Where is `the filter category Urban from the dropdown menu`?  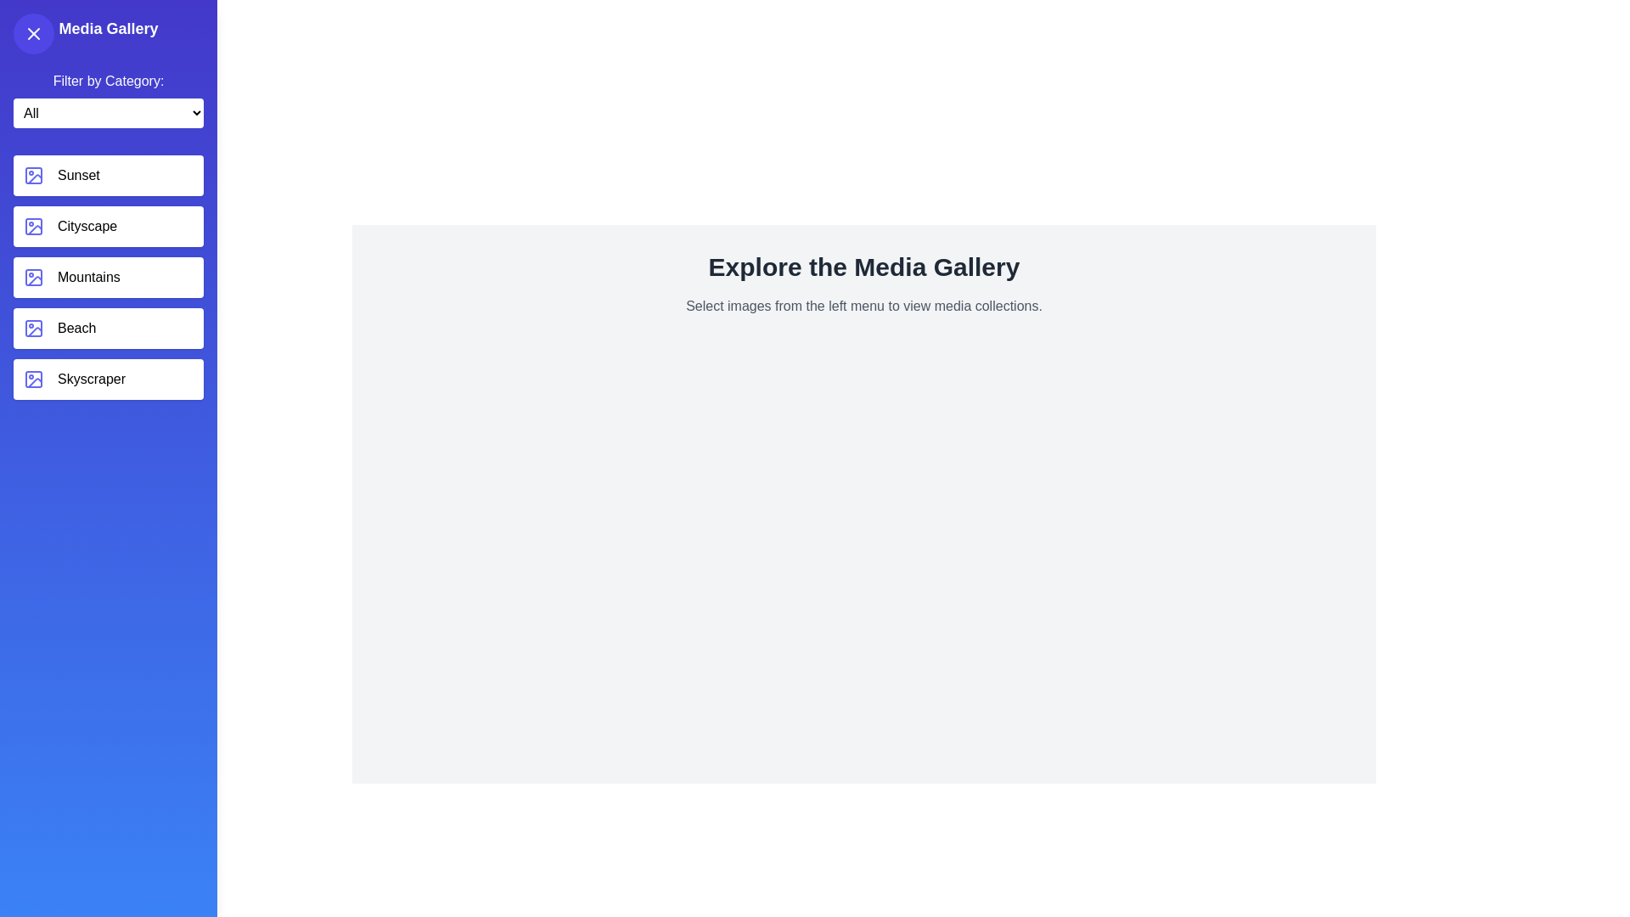 the filter category Urban from the dropdown menu is located at coordinates (108, 113).